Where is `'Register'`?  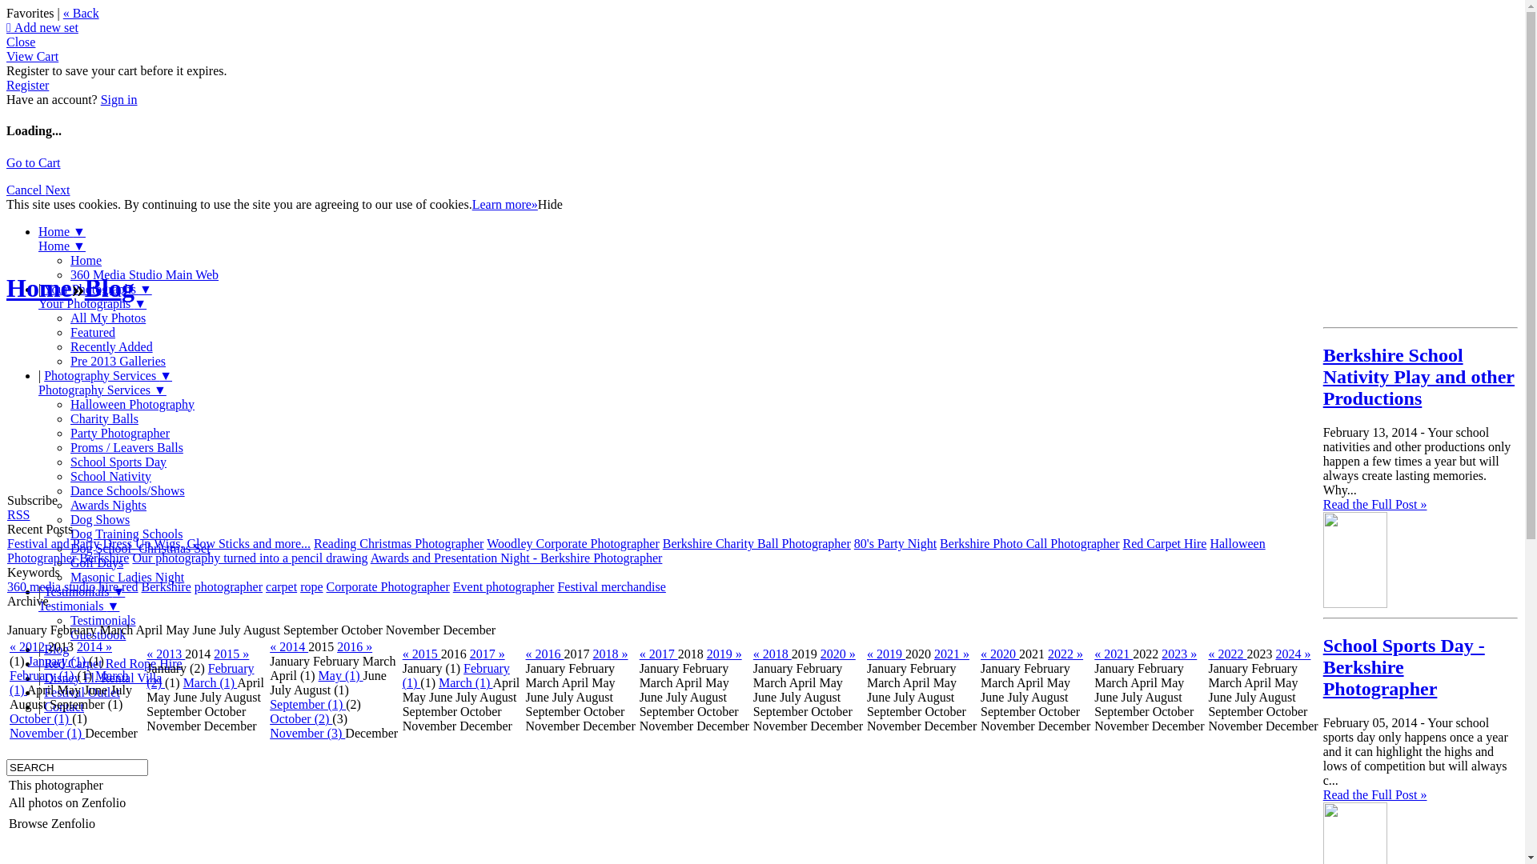 'Register' is located at coordinates (27, 85).